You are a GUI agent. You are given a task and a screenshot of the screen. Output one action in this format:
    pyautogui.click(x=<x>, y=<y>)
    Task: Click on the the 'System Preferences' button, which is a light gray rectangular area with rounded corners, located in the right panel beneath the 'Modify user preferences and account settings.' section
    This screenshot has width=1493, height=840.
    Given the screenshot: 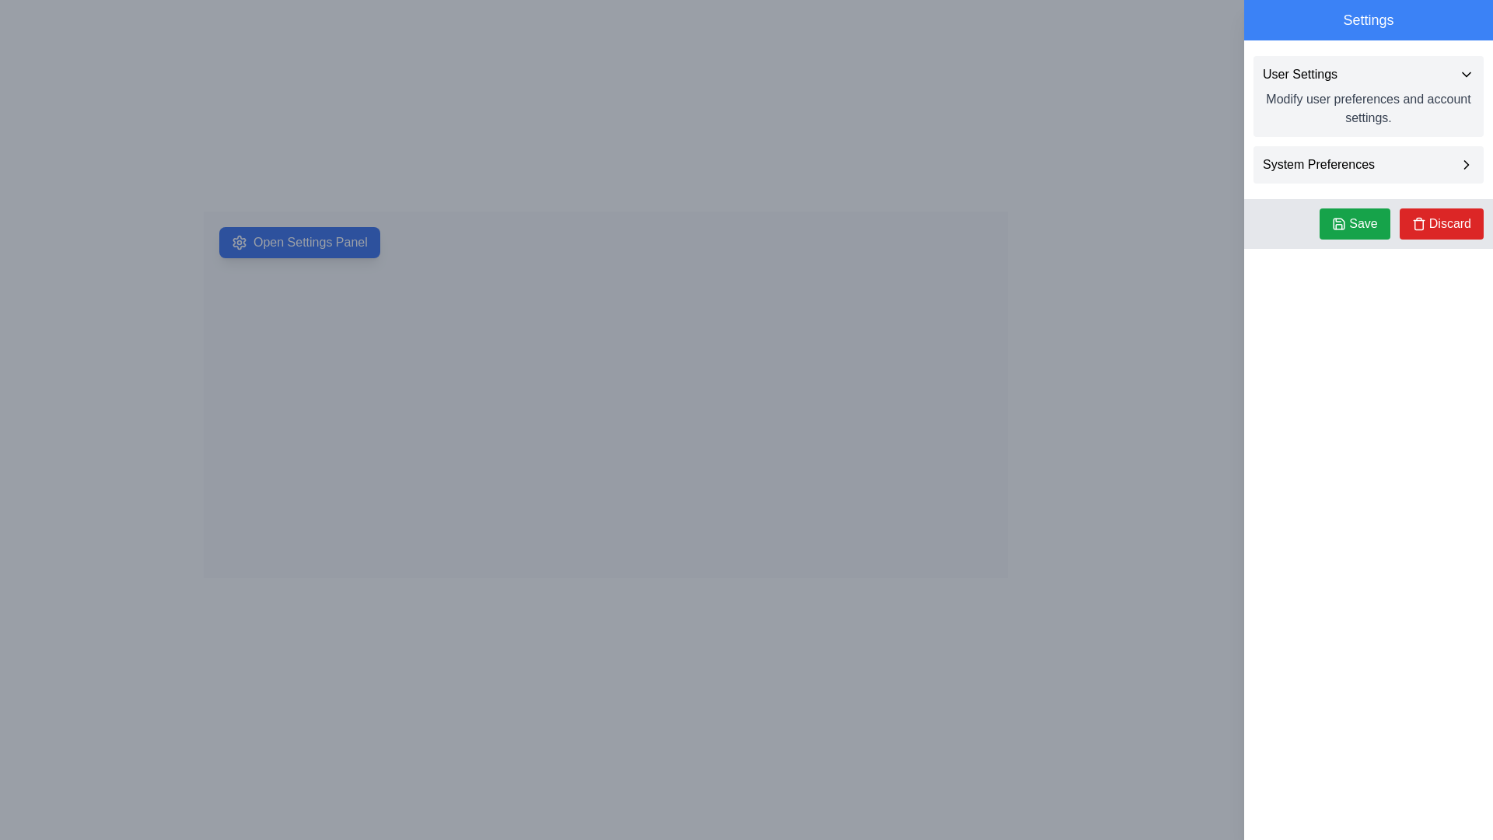 What is the action you would take?
    pyautogui.click(x=1369, y=165)
    